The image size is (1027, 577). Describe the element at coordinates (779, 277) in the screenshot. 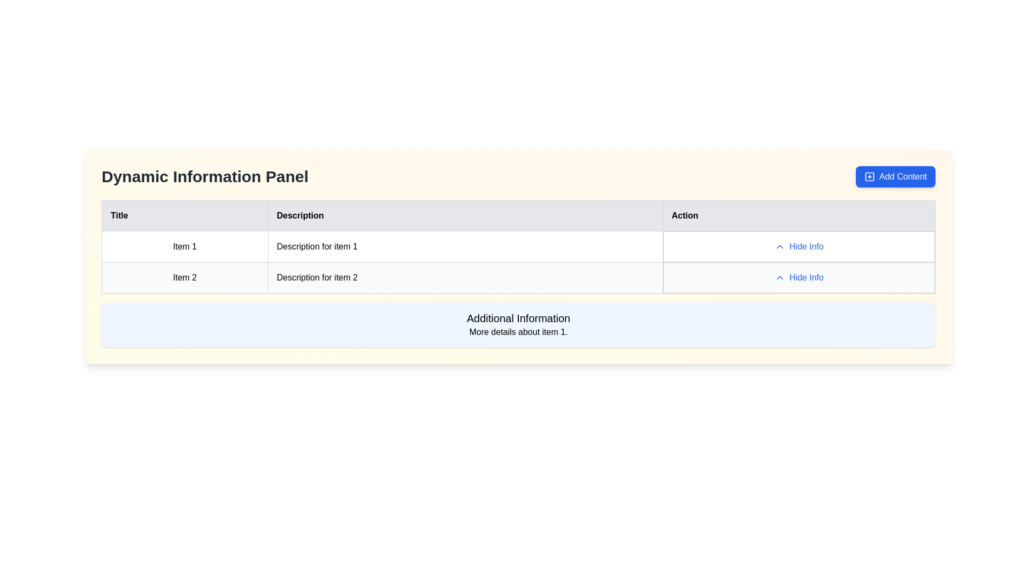

I see `the small upward-pointing chevron icon, which is styled in blue and located to the left of the 'Hide Info' text button in the third column of the 'Action' section` at that location.